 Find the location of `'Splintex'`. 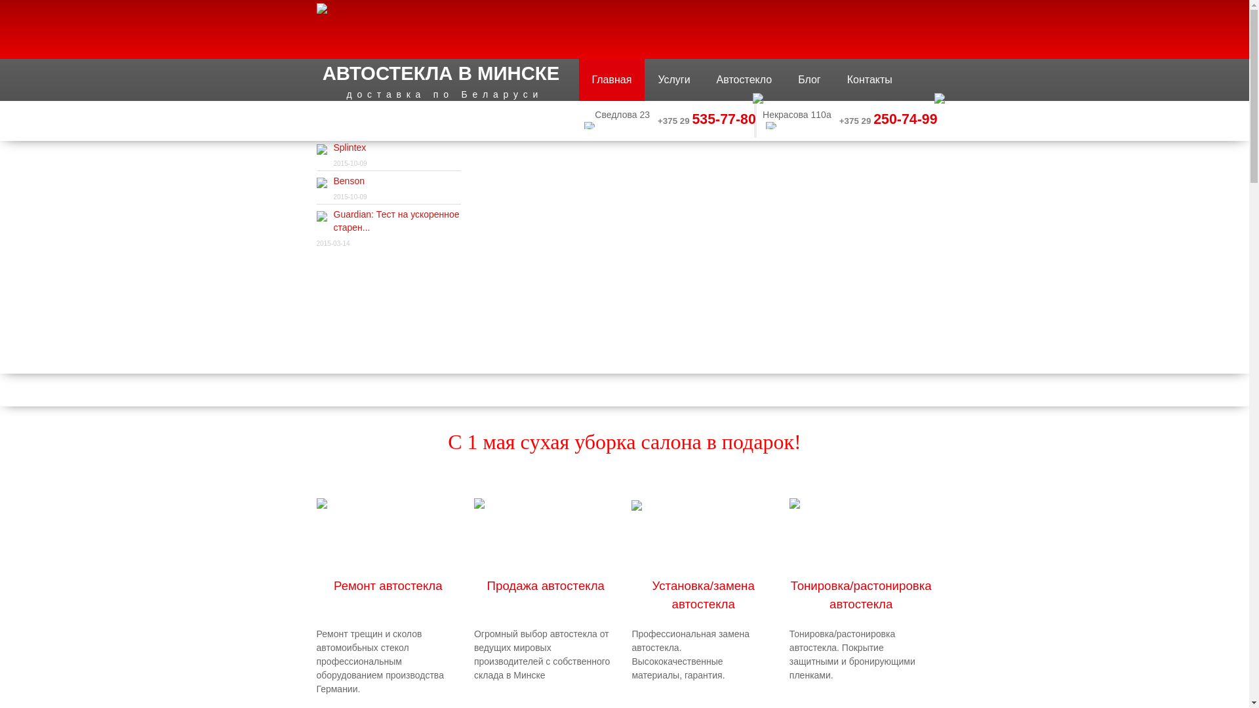

'Splintex' is located at coordinates (321, 149).